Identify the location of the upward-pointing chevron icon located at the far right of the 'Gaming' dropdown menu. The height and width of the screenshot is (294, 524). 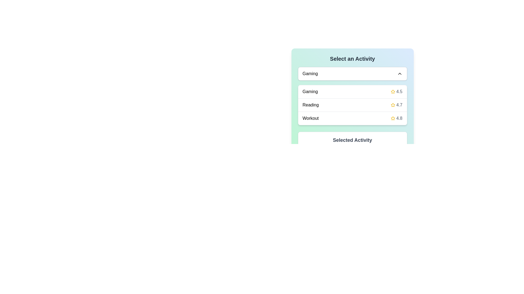
(400, 73).